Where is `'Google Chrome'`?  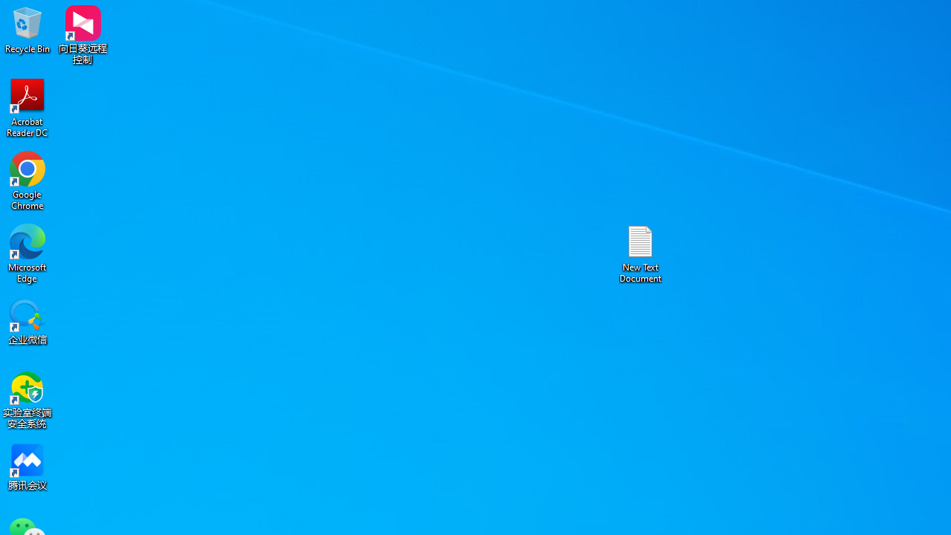
'Google Chrome' is located at coordinates (27, 180).